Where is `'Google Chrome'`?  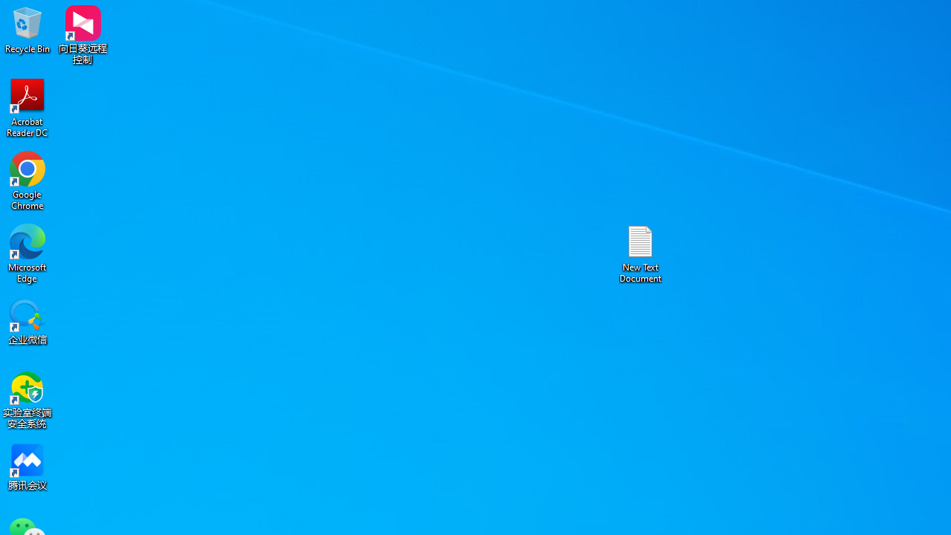
'Google Chrome' is located at coordinates (27, 180).